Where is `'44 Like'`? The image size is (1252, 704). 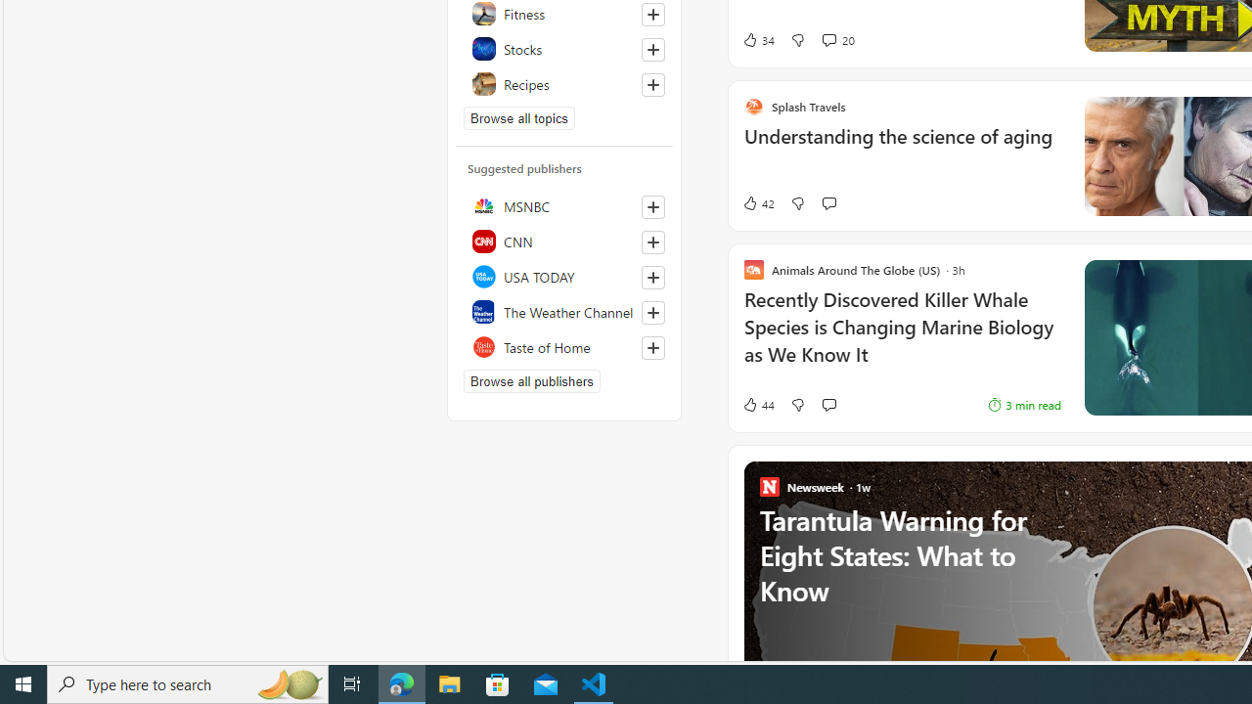 '44 Like' is located at coordinates (736, 404).